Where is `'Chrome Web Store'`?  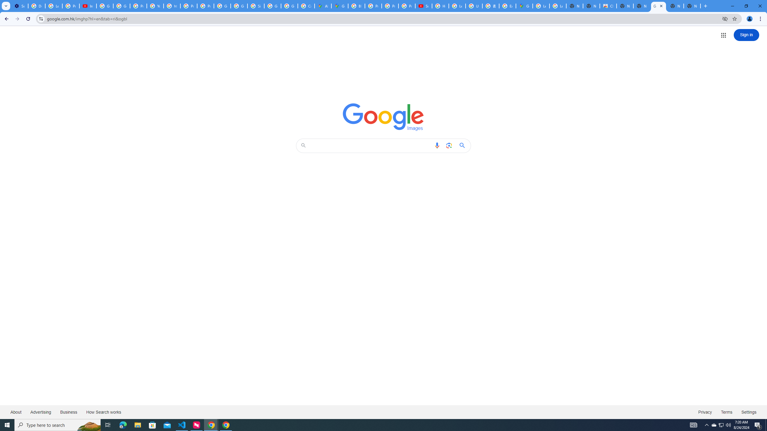 'Chrome Web Store' is located at coordinates (608, 6).